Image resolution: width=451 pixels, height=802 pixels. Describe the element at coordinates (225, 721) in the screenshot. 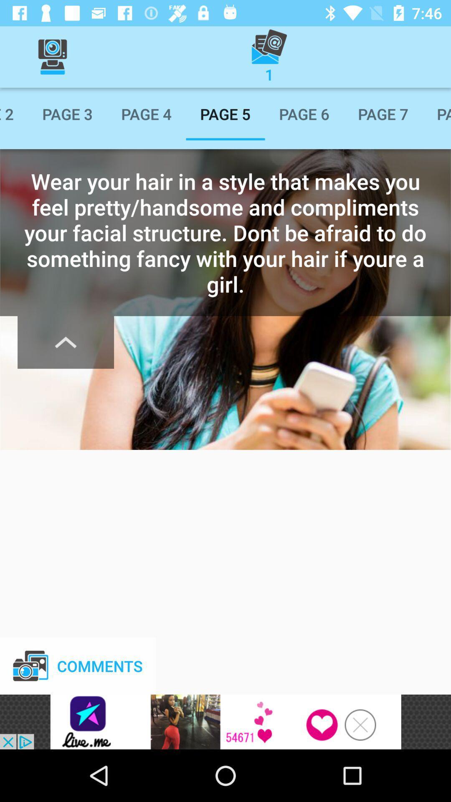

I see `like` at that location.